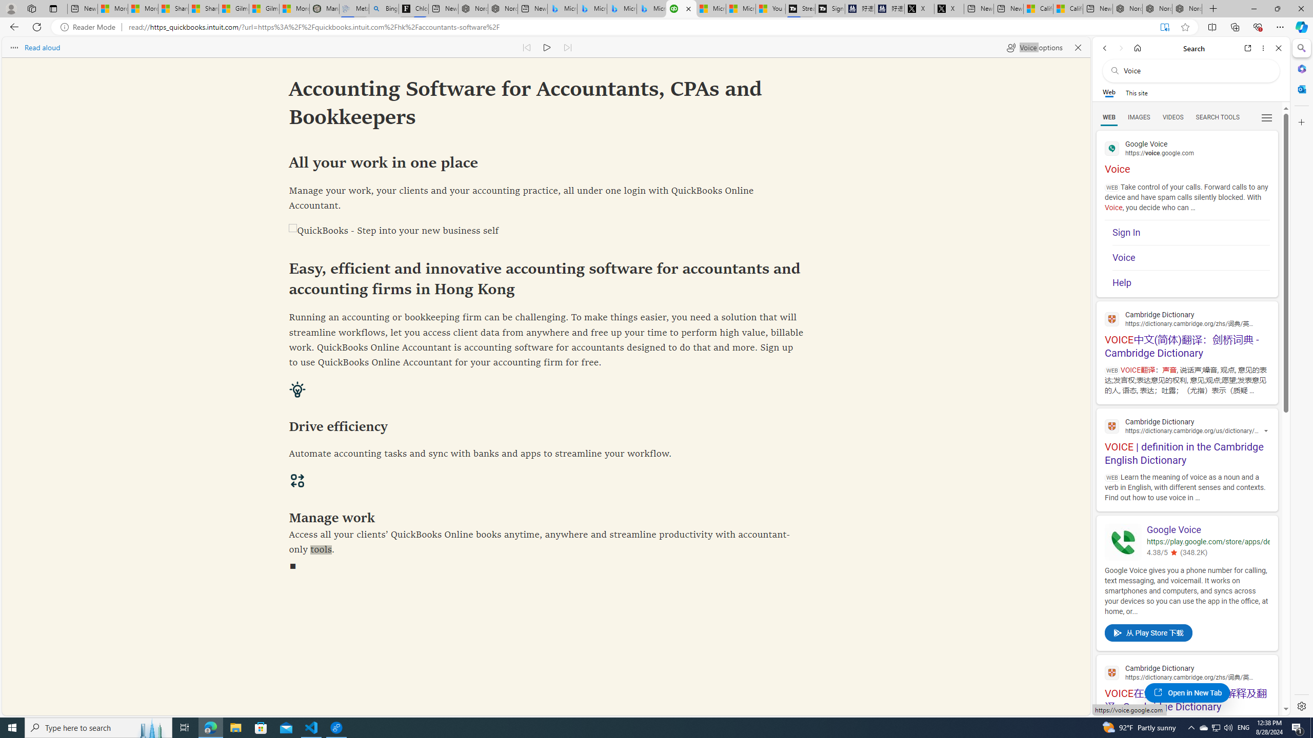 The image size is (1313, 738). Describe the element at coordinates (1208, 529) in the screenshot. I see `'Google Voice'` at that location.